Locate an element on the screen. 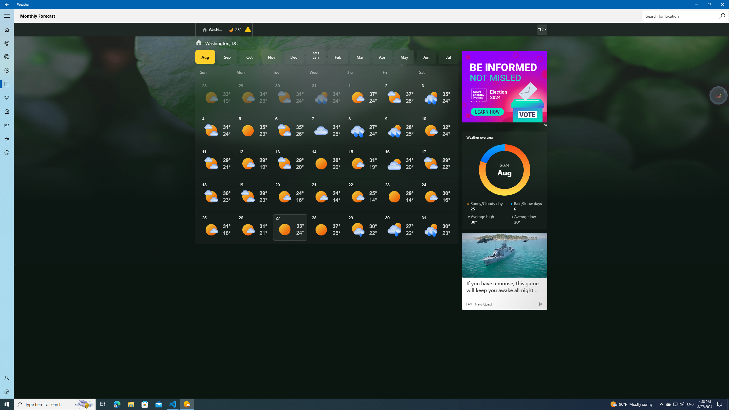  'Task View' is located at coordinates (102, 404).